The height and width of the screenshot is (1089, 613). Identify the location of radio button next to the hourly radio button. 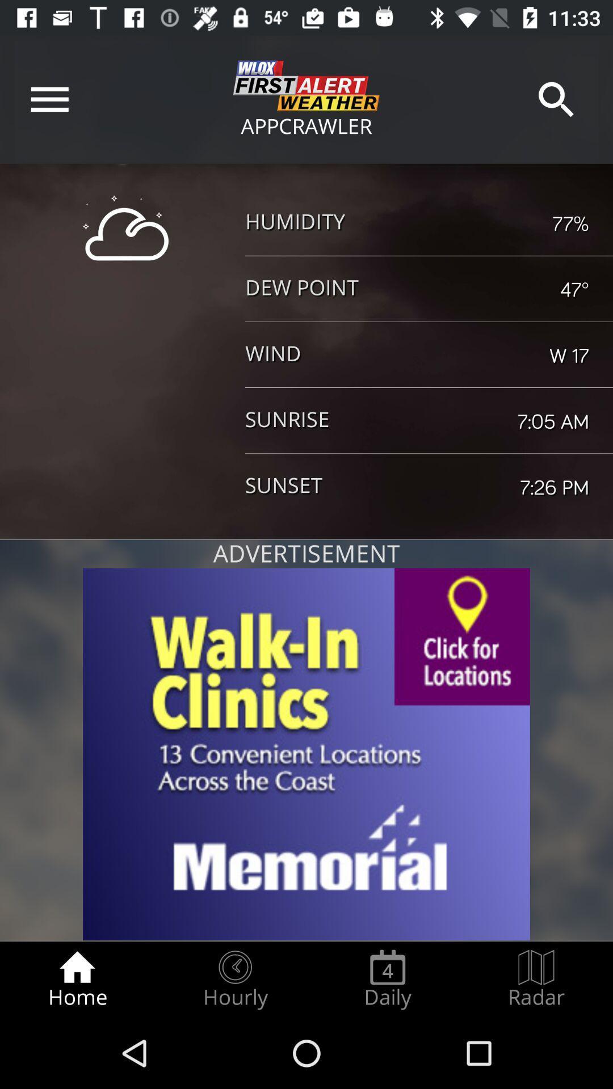
(387, 979).